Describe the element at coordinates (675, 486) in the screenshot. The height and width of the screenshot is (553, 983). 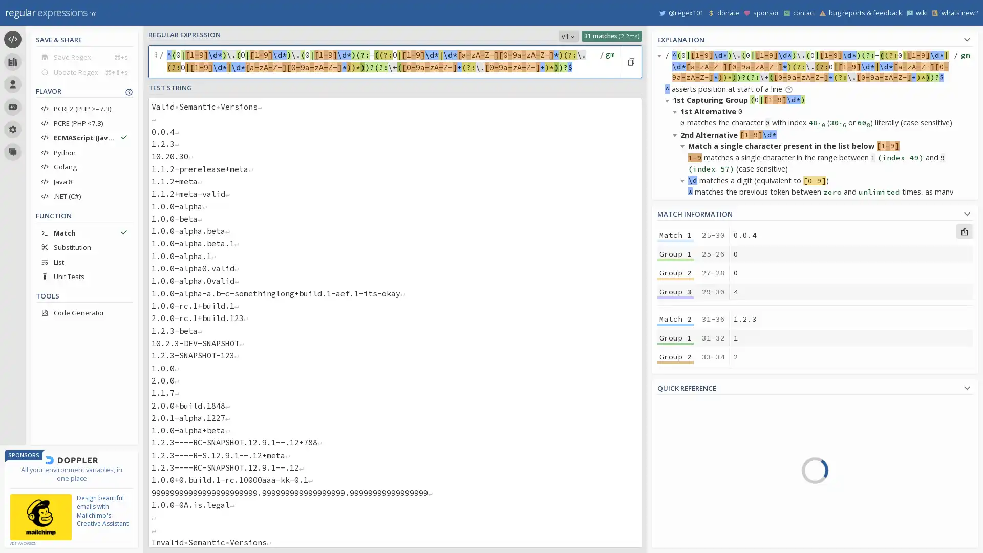
I see `Match 4` at that location.